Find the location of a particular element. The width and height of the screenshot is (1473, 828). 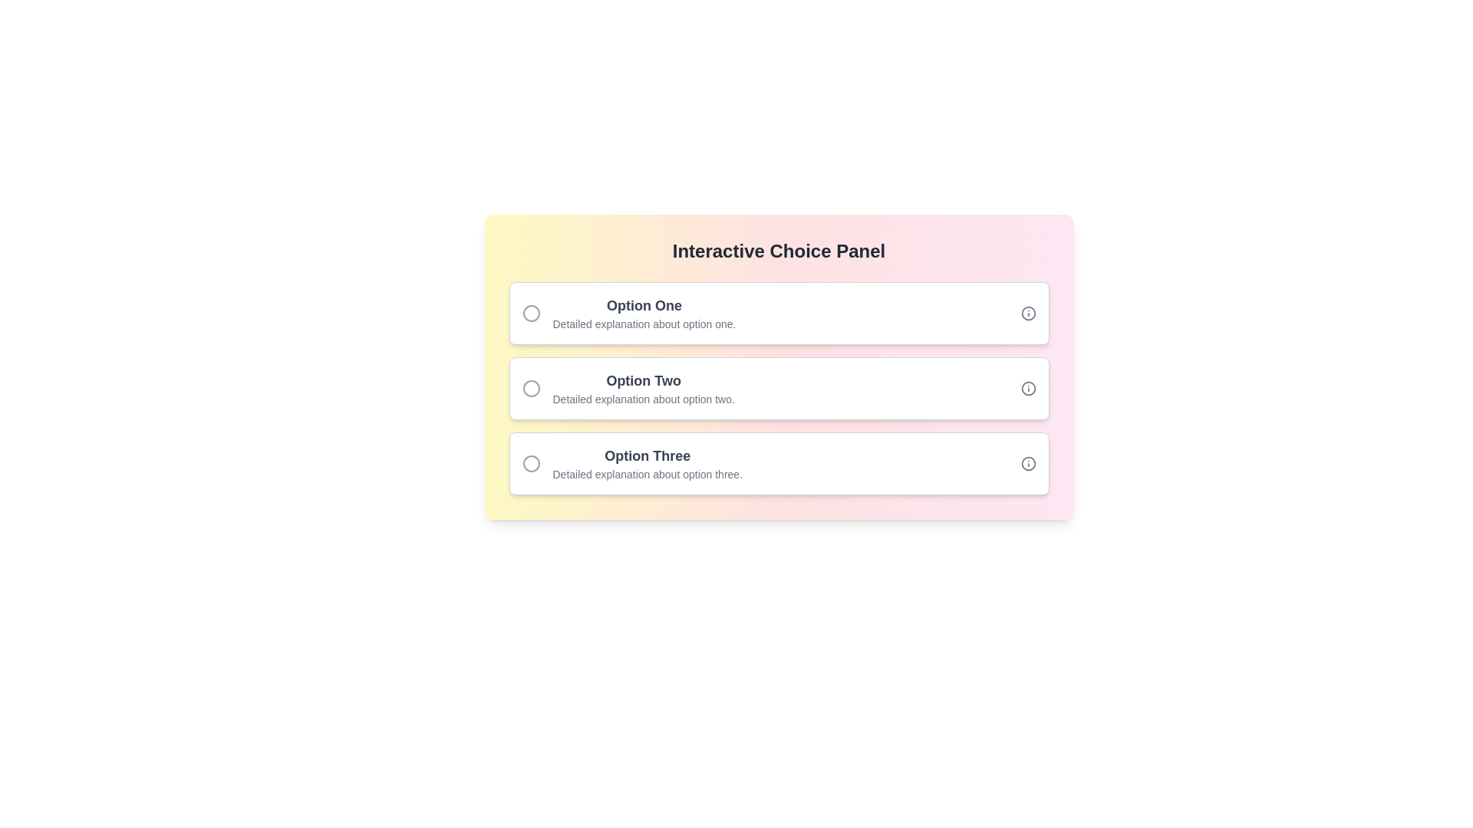

the informational icon located is located at coordinates (1028, 463).